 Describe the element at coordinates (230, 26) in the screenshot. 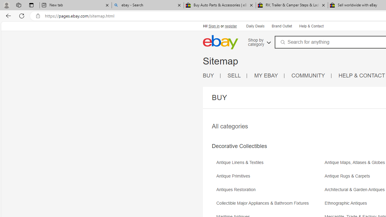

I see `'register'` at that location.